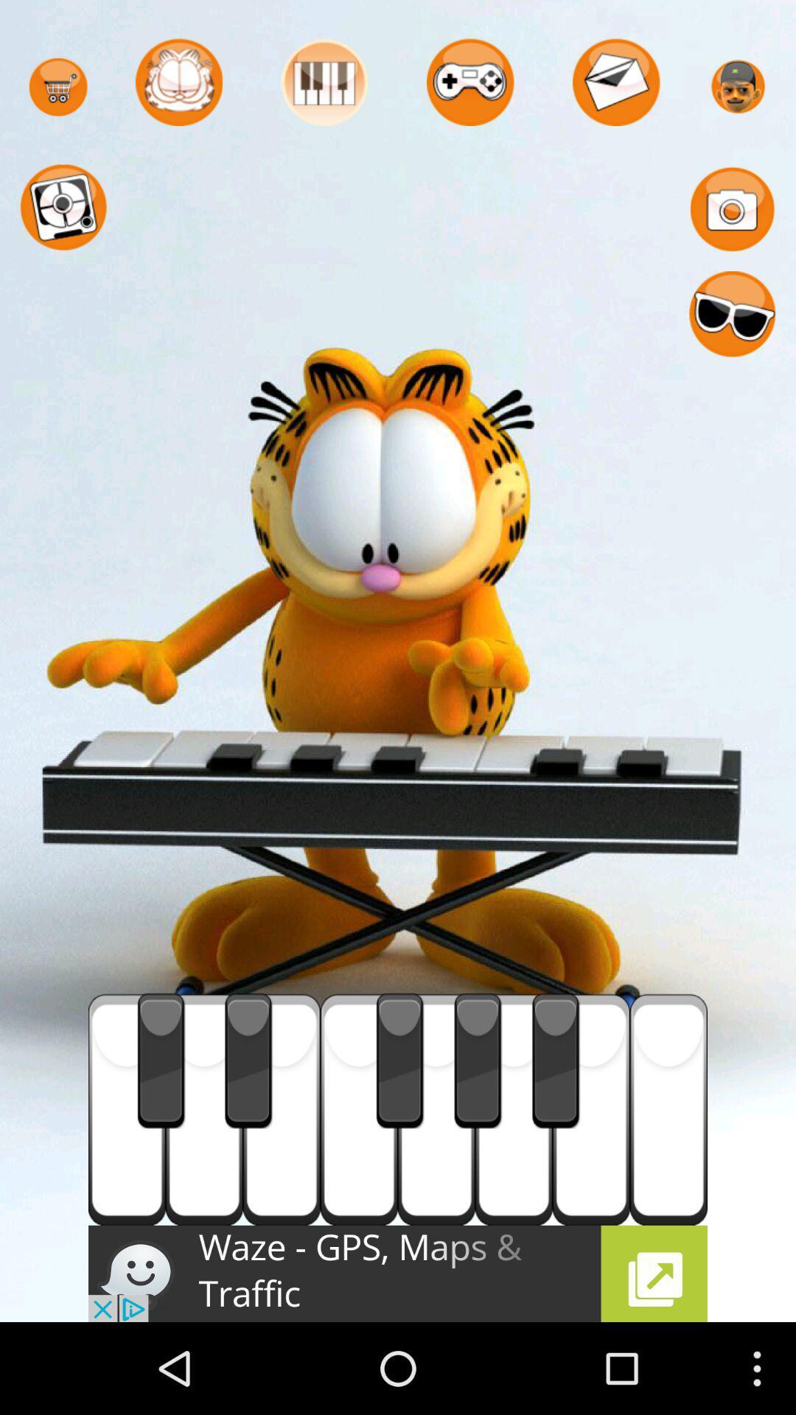 This screenshot has width=796, height=1415. Describe the element at coordinates (732, 336) in the screenshot. I see `the emoji icon` at that location.